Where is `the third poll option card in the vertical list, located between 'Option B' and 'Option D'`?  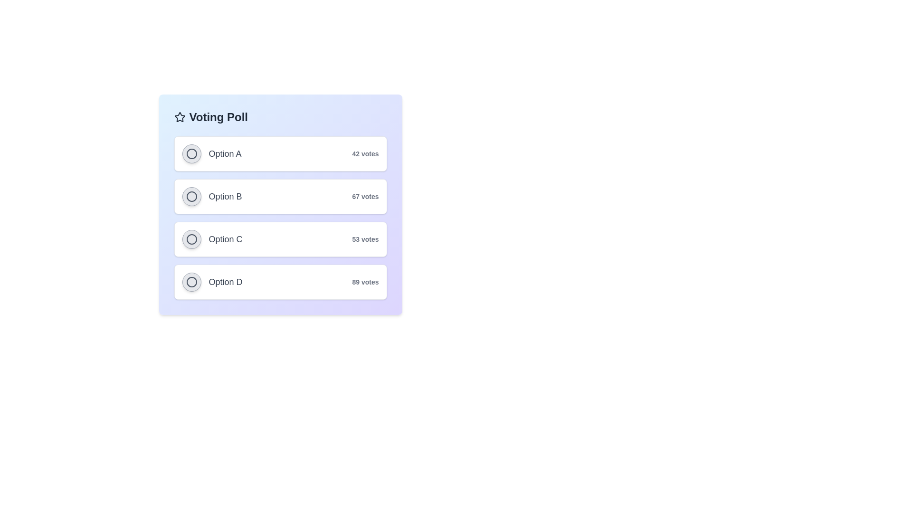
the third poll option card in the vertical list, located between 'Option B' and 'Option D' is located at coordinates (280, 239).